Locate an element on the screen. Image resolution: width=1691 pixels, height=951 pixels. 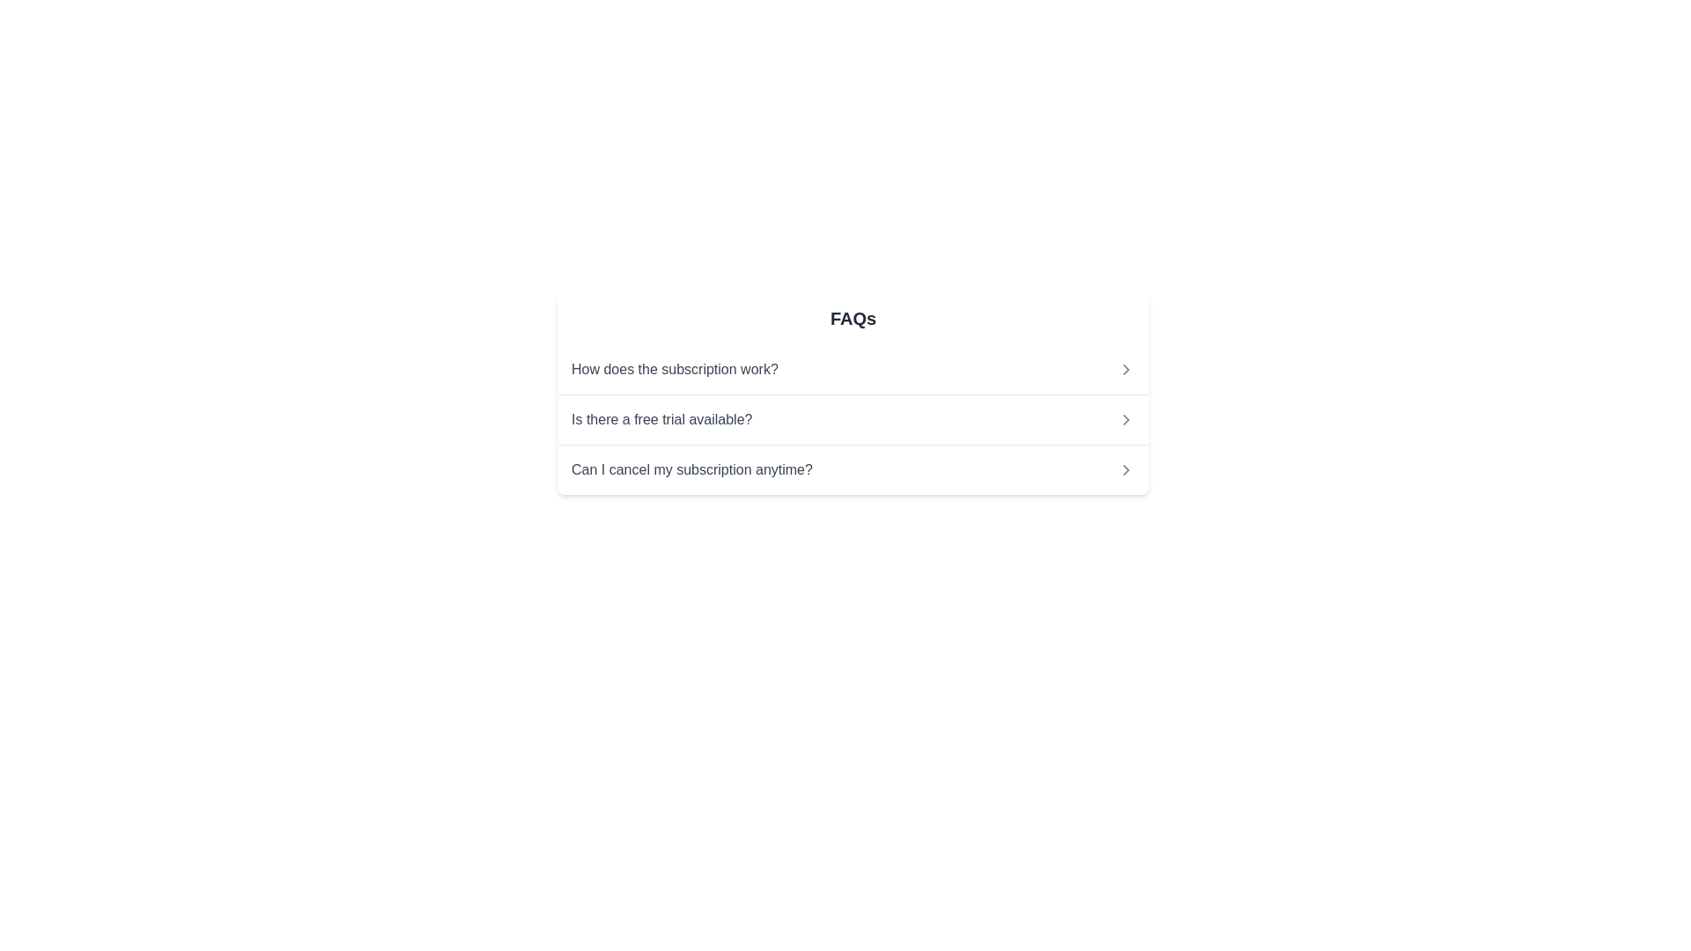
the right-facing gray chevron icon is located at coordinates (1125, 468).